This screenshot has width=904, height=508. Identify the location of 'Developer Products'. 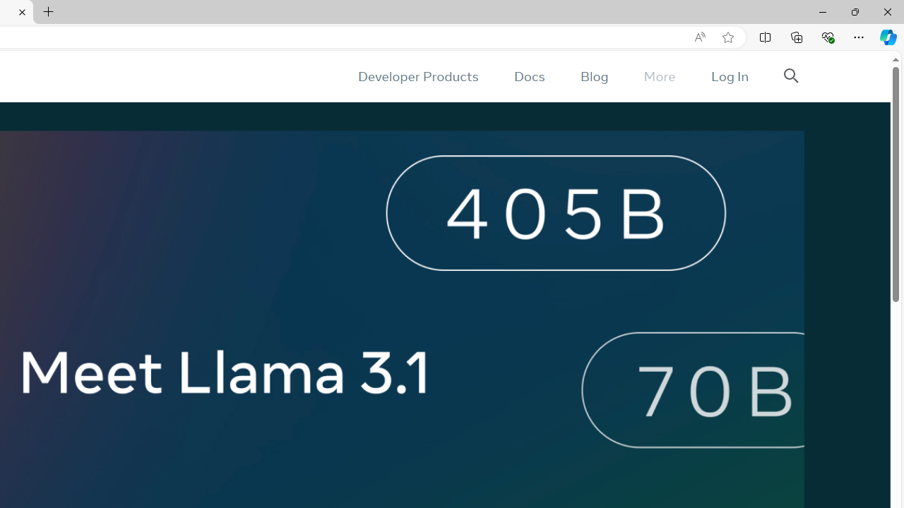
(417, 76).